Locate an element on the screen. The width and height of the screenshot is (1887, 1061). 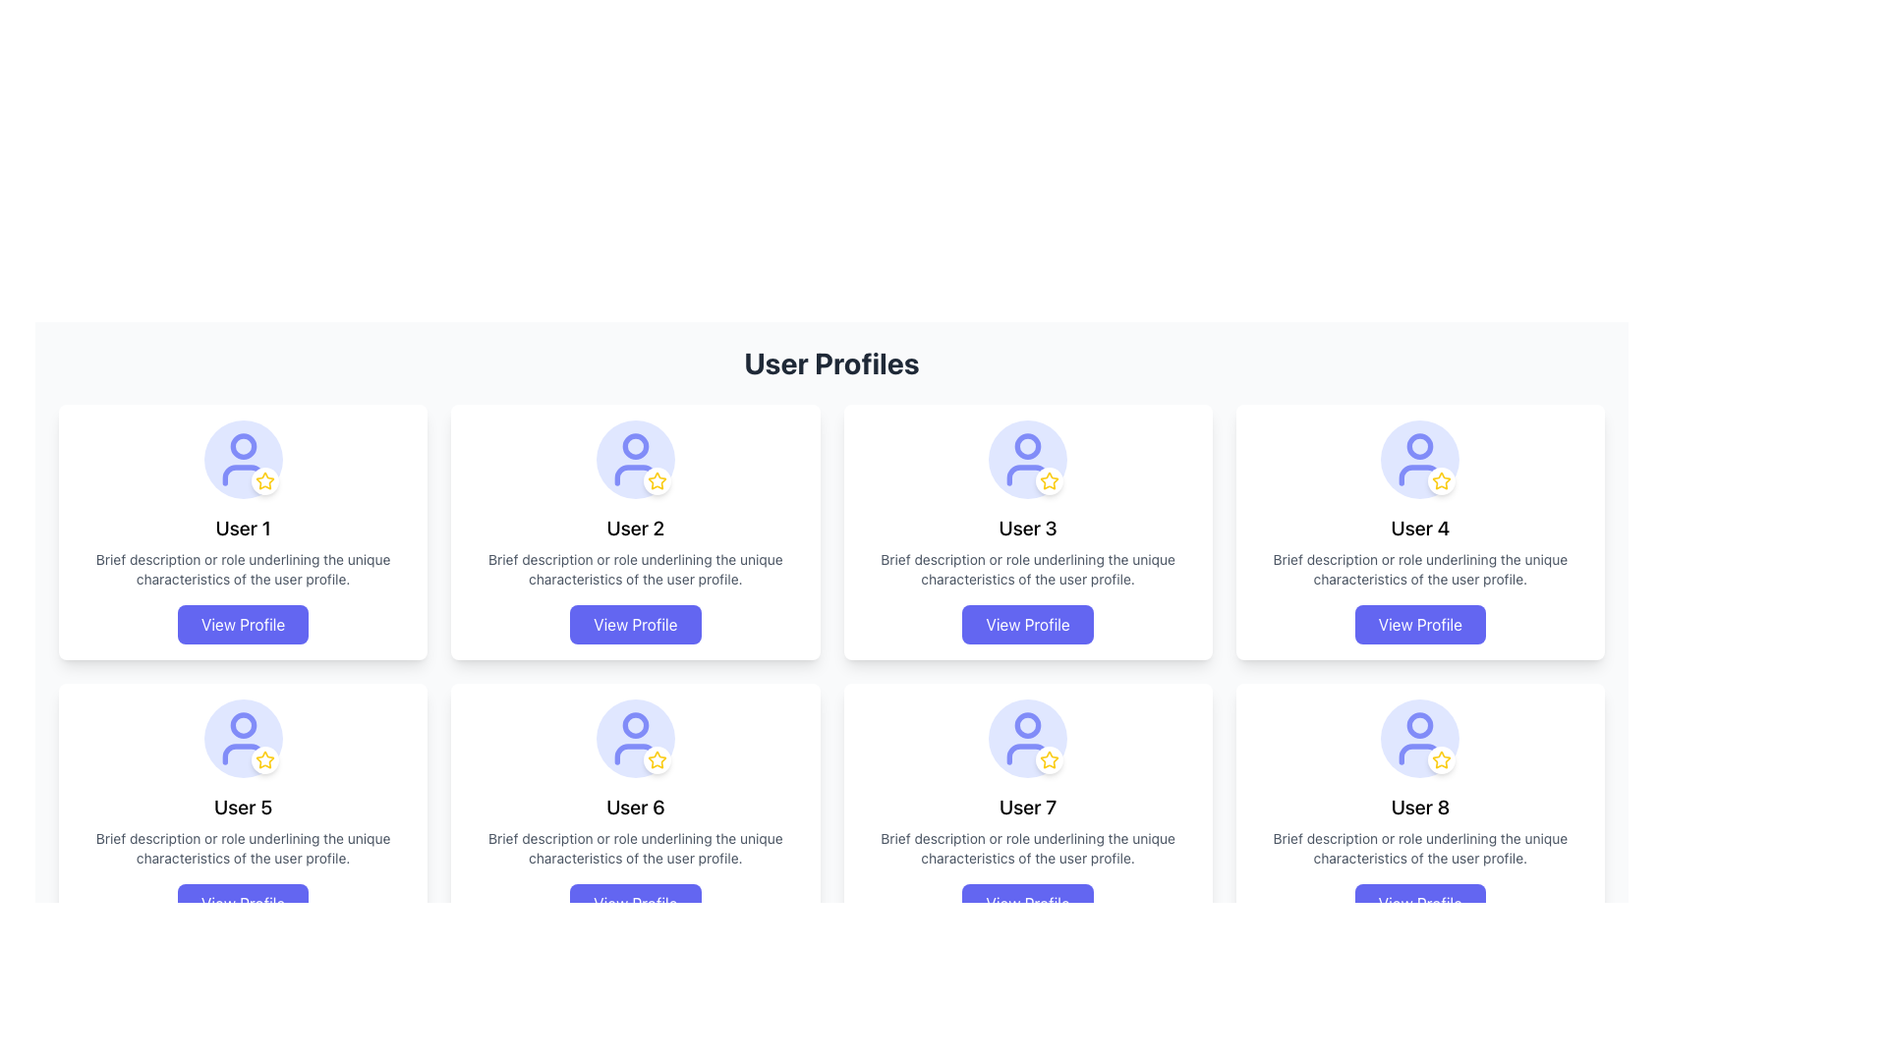
the Text Label in the 'User 4' profile card, which is styled in gray and positioned below the title 'User 4' and above the 'View Profile' button is located at coordinates (1420, 569).